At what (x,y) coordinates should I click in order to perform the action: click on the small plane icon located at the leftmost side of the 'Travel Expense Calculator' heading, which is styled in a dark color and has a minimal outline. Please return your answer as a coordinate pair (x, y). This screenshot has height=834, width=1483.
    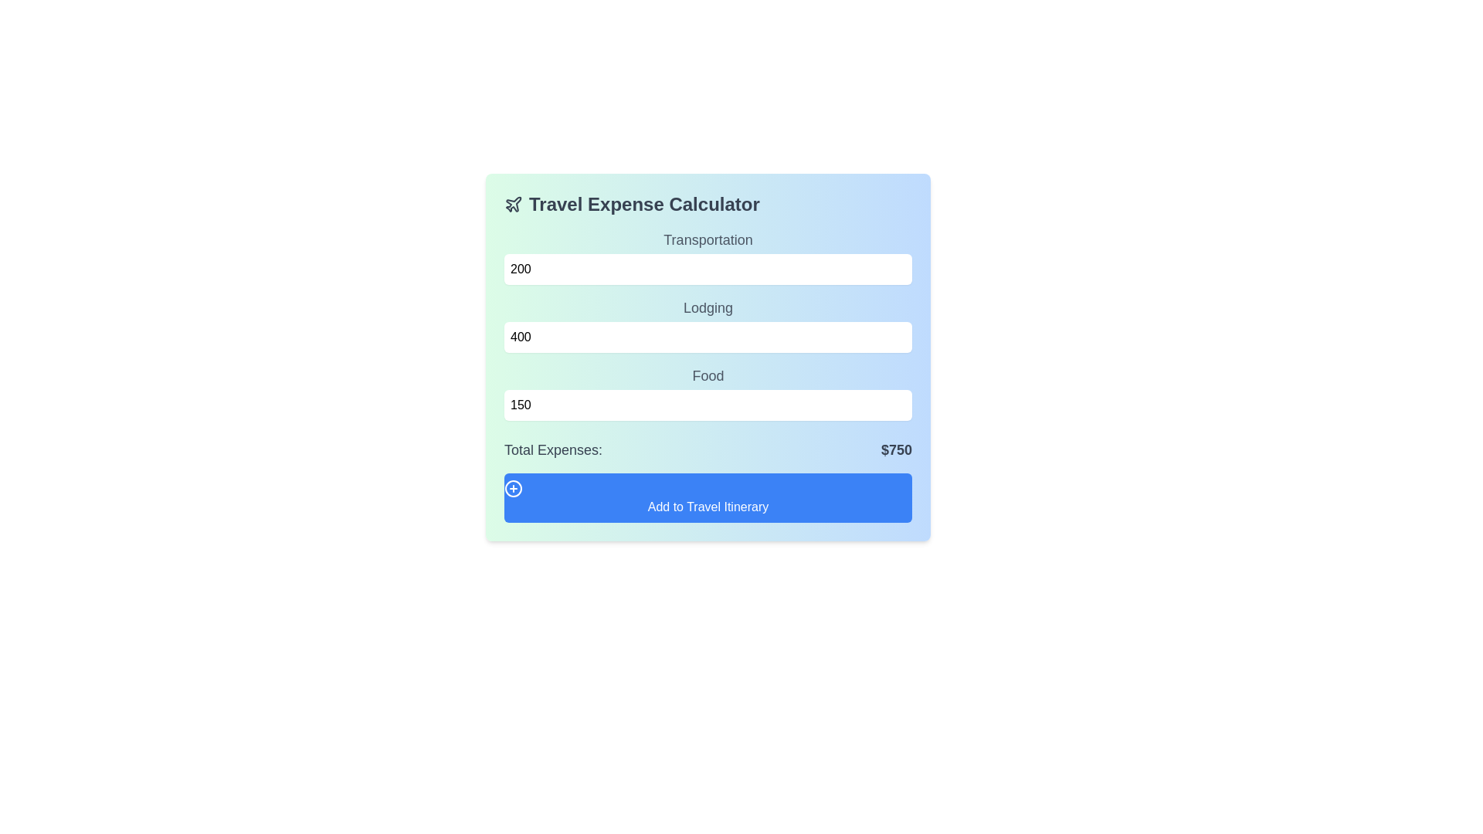
    Looking at the image, I should click on (514, 204).